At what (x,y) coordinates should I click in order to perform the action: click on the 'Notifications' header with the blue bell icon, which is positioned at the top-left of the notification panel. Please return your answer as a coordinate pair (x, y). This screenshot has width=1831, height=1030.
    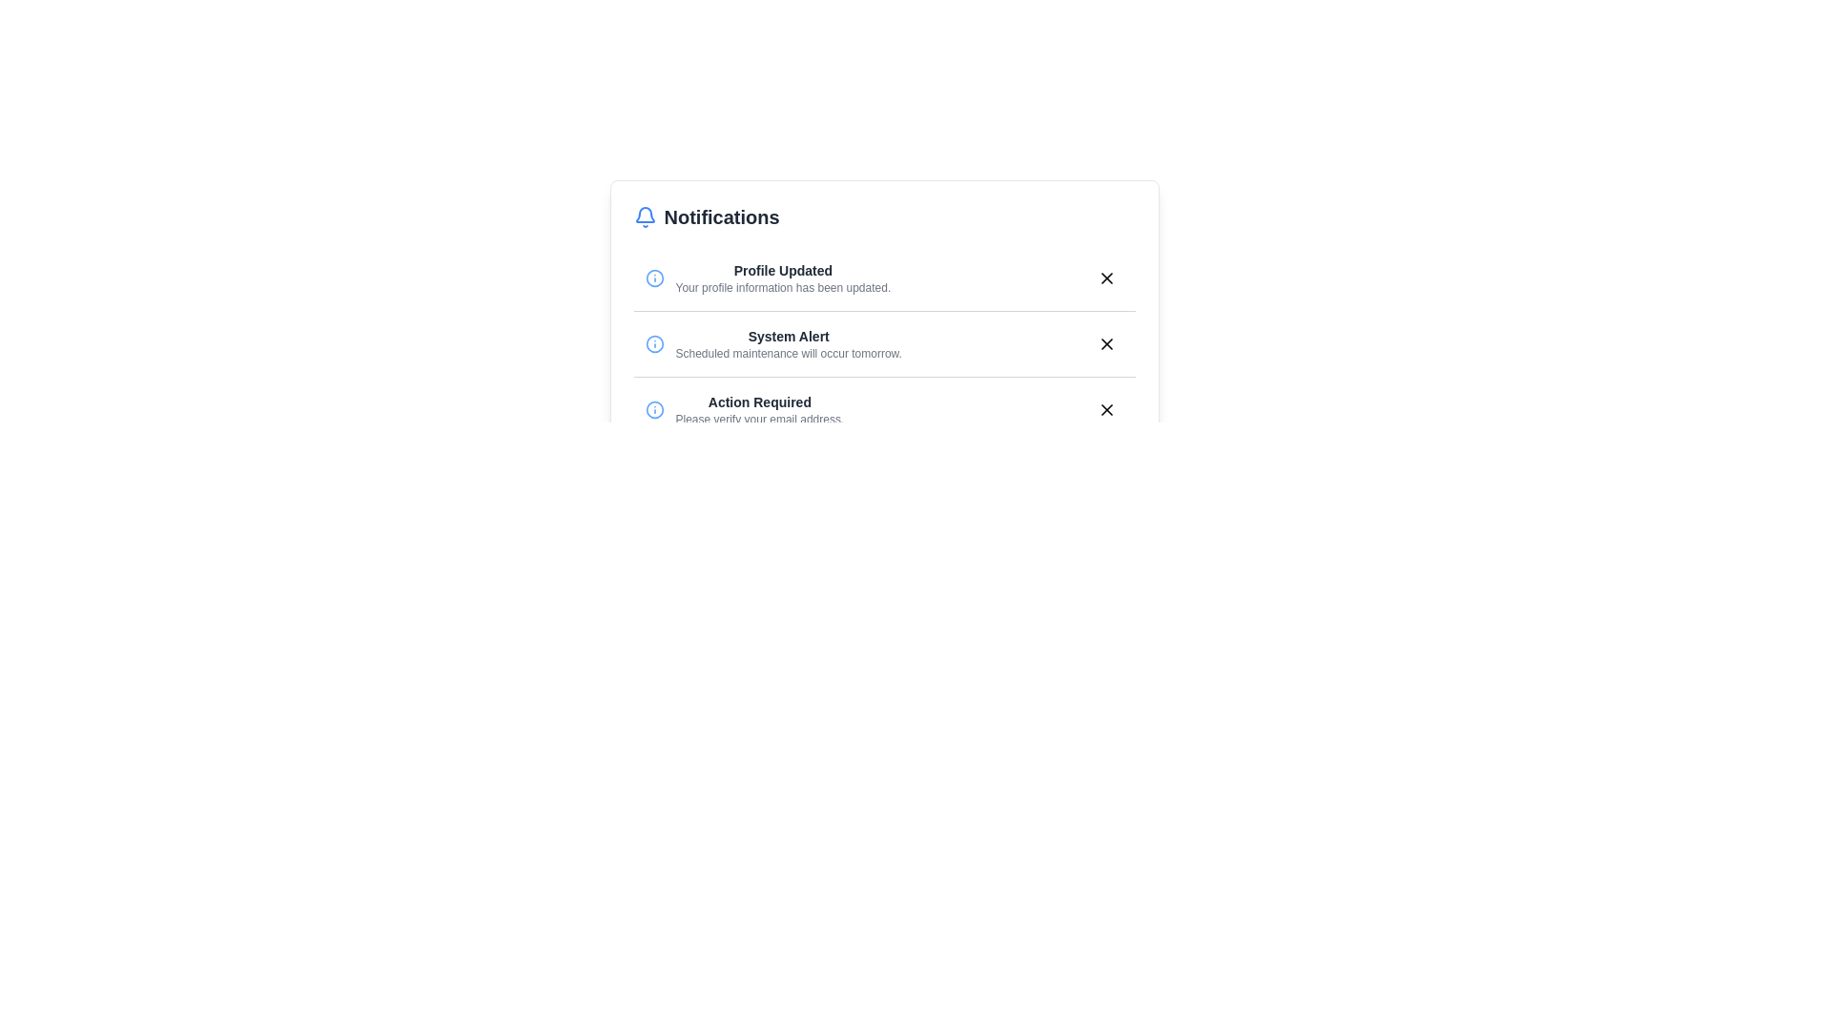
    Looking at the image, I should click on (706, 216).